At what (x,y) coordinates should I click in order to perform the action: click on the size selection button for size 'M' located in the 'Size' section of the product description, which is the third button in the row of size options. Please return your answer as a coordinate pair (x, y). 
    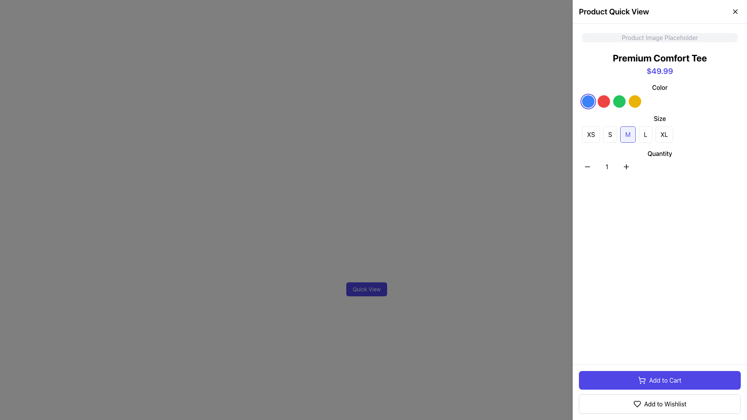
    Looking at the image, I should click on (628, 134).